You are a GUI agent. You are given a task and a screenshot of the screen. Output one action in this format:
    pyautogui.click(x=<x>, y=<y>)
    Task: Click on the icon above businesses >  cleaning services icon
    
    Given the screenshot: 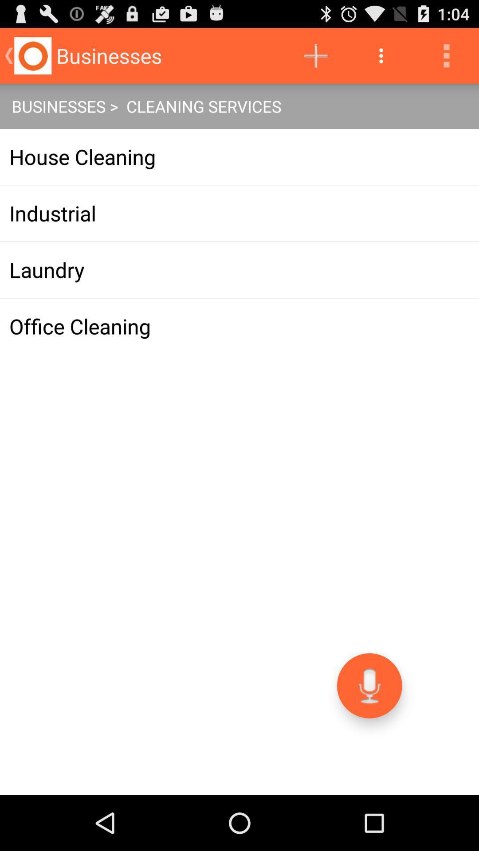 What is the action you would take?
    pyautogui.click(x=315, y=55)
    